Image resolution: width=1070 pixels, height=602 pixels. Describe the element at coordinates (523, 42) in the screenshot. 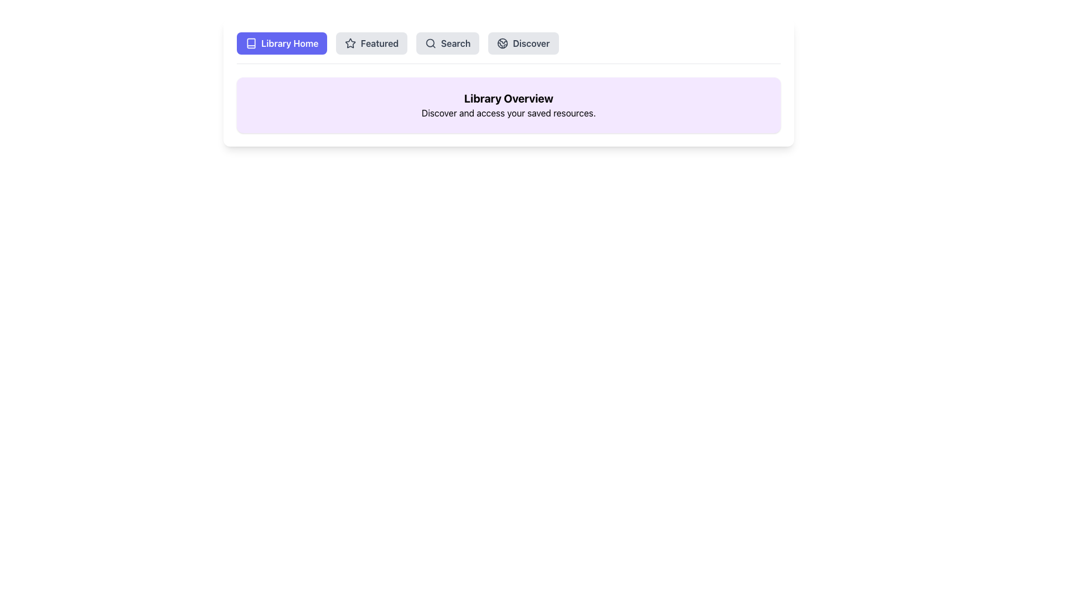

I see `the 'Discover' button located at the top-right corner of the button group to activate its hover effect` at that location.